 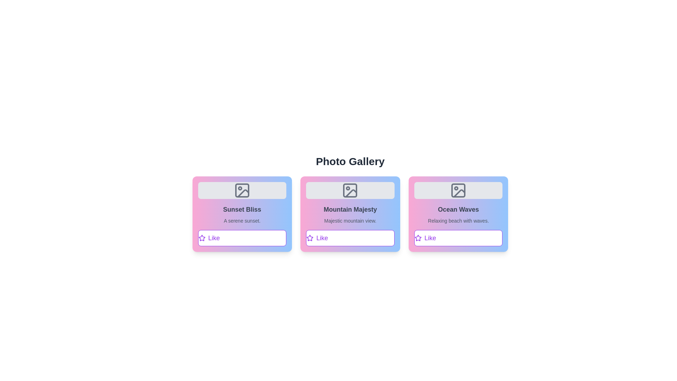 I want to click on 'Like' button for the photo titled 'Mountain Majesty', so click(x=350, y=238).